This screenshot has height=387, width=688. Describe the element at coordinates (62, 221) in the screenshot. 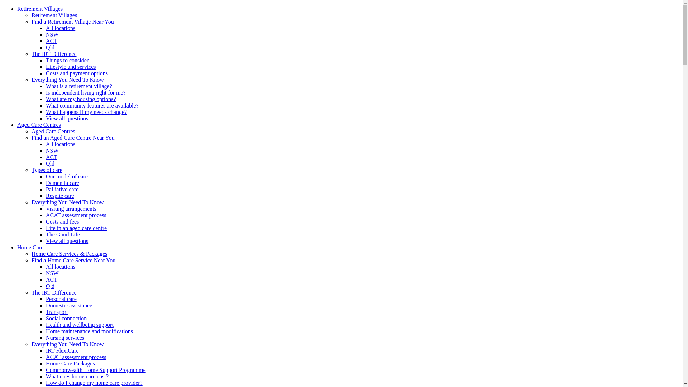

I see `'Costs and fees'` at that location.